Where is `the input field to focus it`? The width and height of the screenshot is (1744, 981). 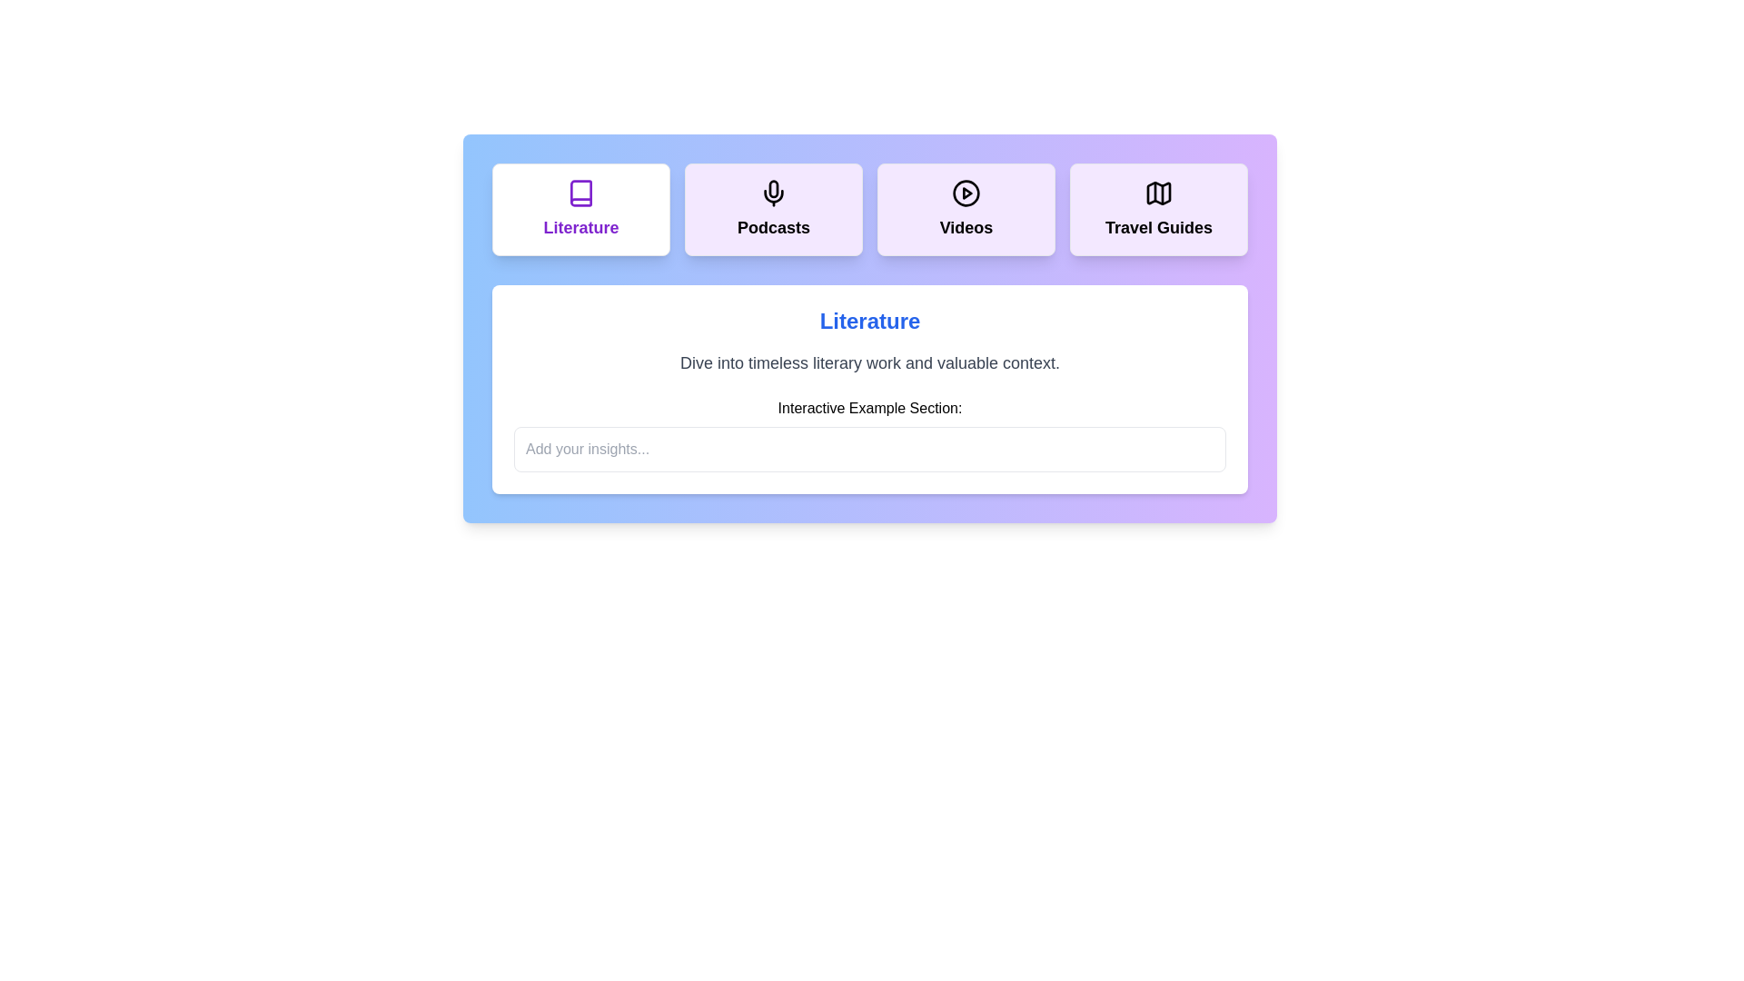
the input field to focus it is located at coordinates (869, 449).